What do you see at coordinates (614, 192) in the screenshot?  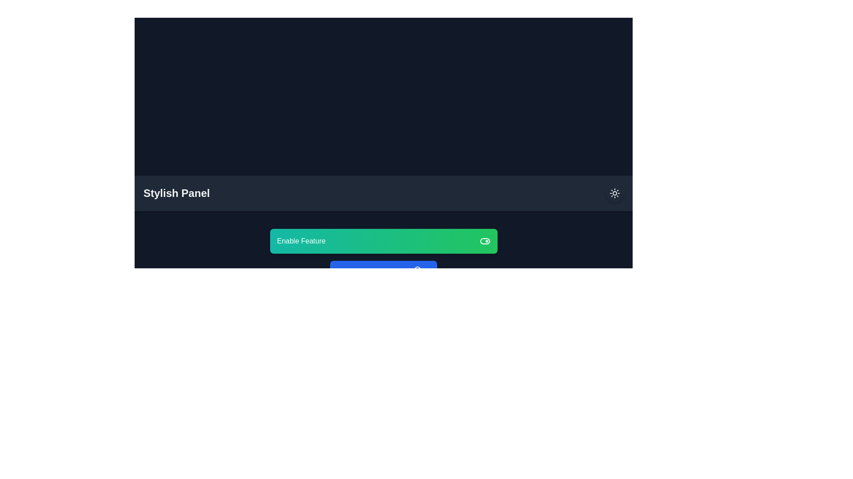 I see `the rounded button with a sun icon on the 'Stylish Panel'` at bounding box center [614, 192].